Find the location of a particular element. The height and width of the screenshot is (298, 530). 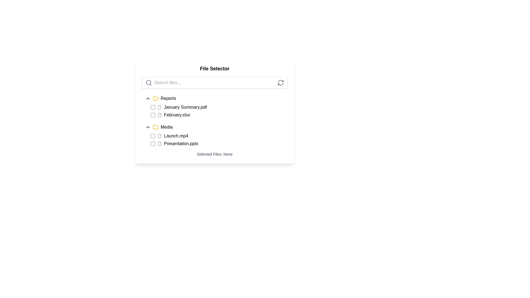

the small yellow folder icon located to the left of the 'Reports' label in the collapsible item of the file selector interface is located at coordinates (155, 98).